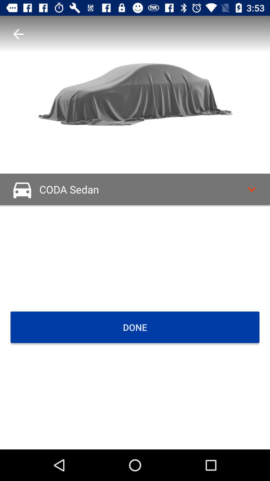 The image size is (270, 481). Describe the element at coordinates (18, 34) in the screenshot. I see `icon at the top left corner` at that location.